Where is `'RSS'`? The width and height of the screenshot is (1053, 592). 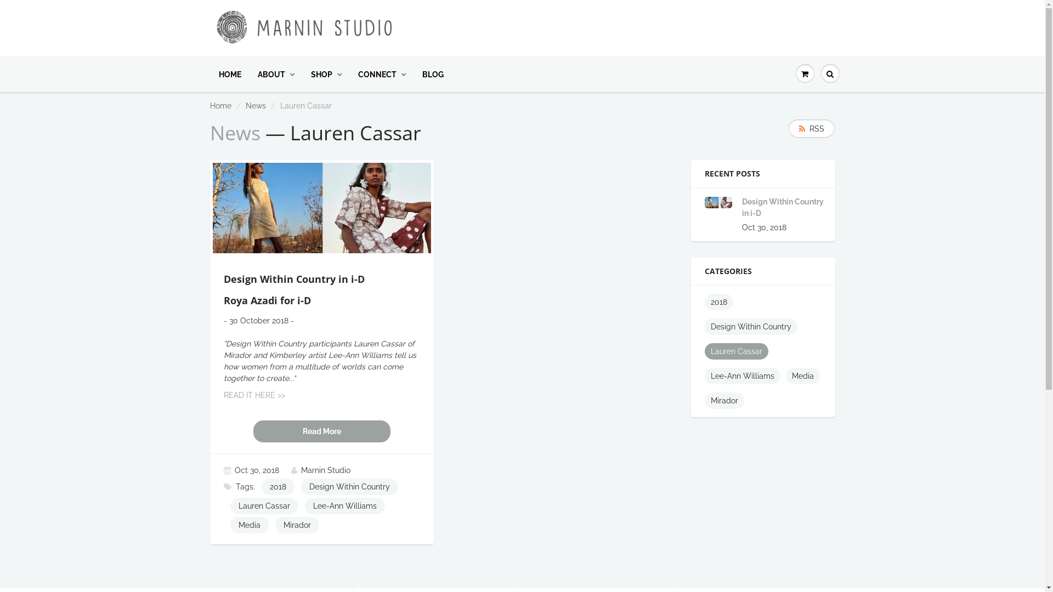
'RSS' is located at coordinates (811, 128).